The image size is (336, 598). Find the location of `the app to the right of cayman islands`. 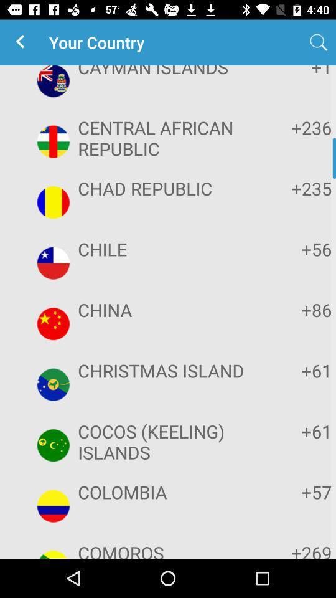

the app to the right of cayman islands is located at coordinates (319, 42).